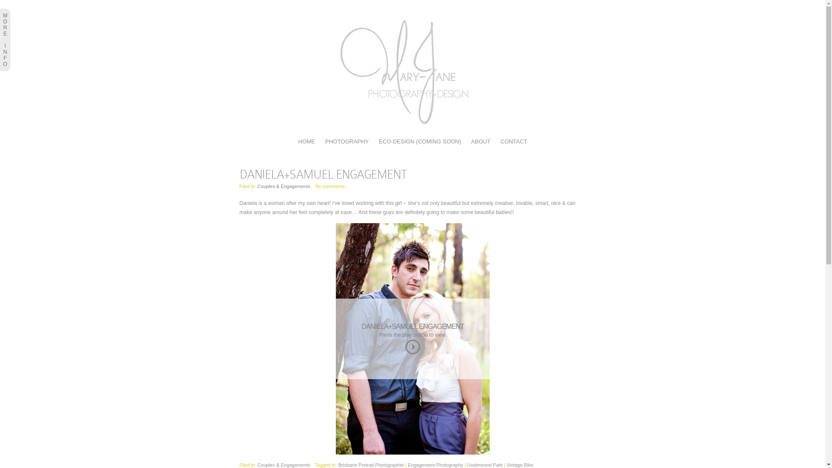 This screenshot has width=832, height=468. What do you see at coordinates (347, 141) in the screenshot?
I see `'PHOTOGRAPHY'` at bounding box center [347, 141].